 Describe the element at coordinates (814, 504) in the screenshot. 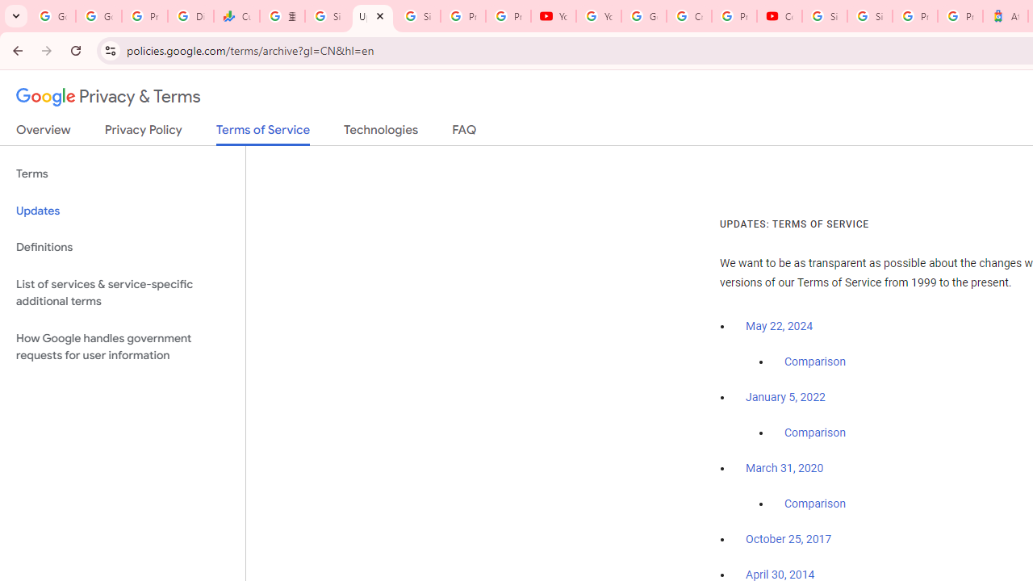

I see `'Comparison'` at that location.